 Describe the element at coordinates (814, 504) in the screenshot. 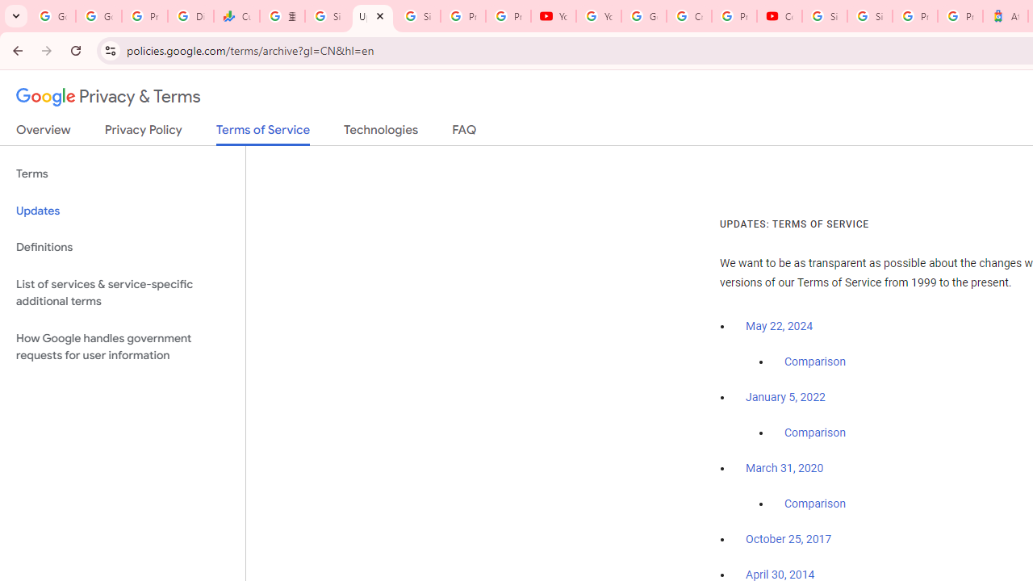

I see `'Comparison'` at that location.